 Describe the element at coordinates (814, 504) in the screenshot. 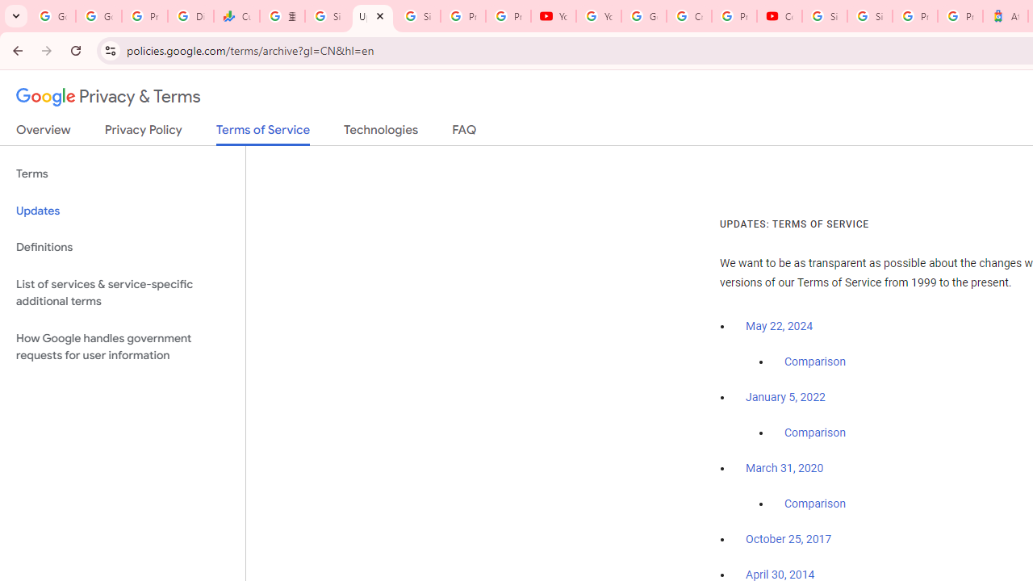

I see `'Comparison'` at that location.